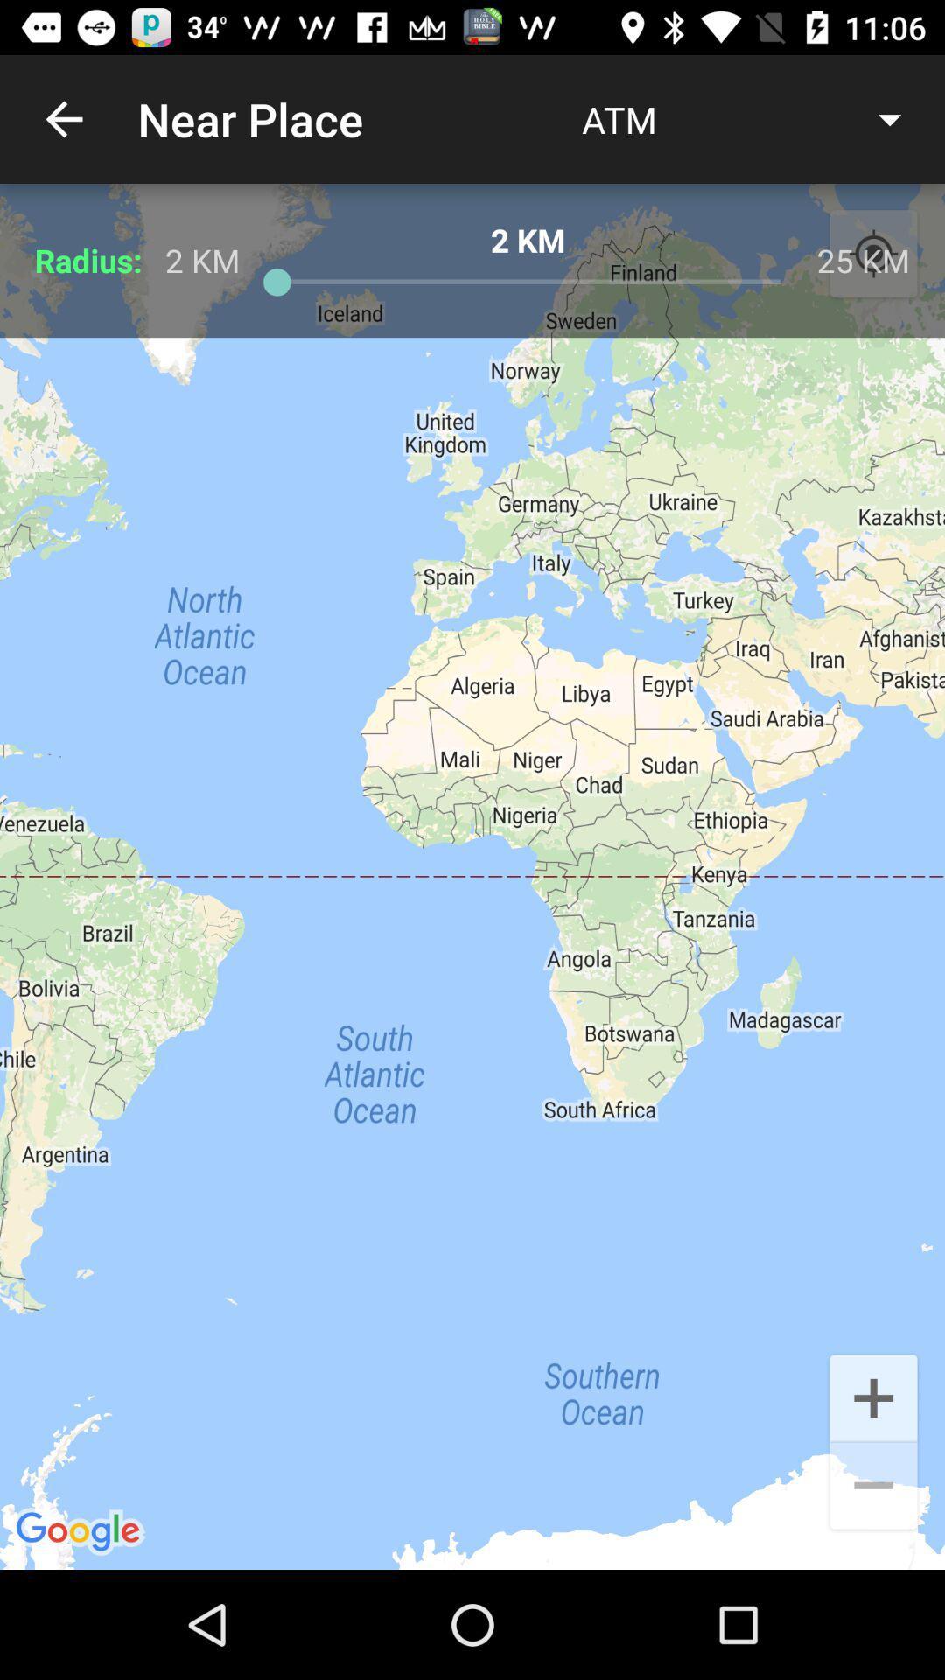 This screenshot has height=1680, width=945. What do you see at coordinates (873, 1487) in the screenshot?
I see `the minus icon` at bounding box center [873, 1487].